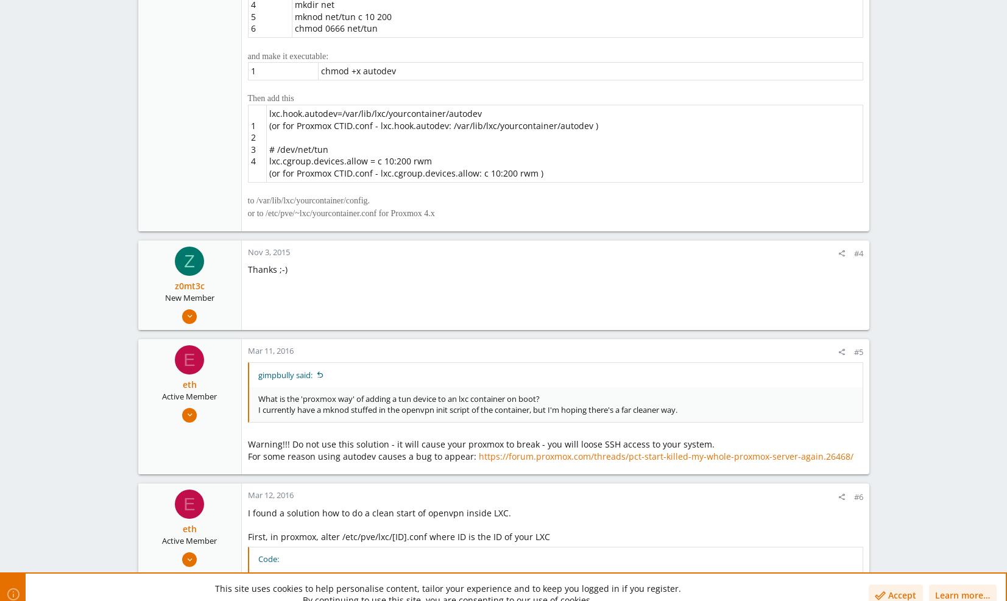 This screenshot has height=601, width=1007. What do you see at coordinates (266, 269) in the screenshot?
I see `'Thanks ;-)'` at bounding box center [266, 269].